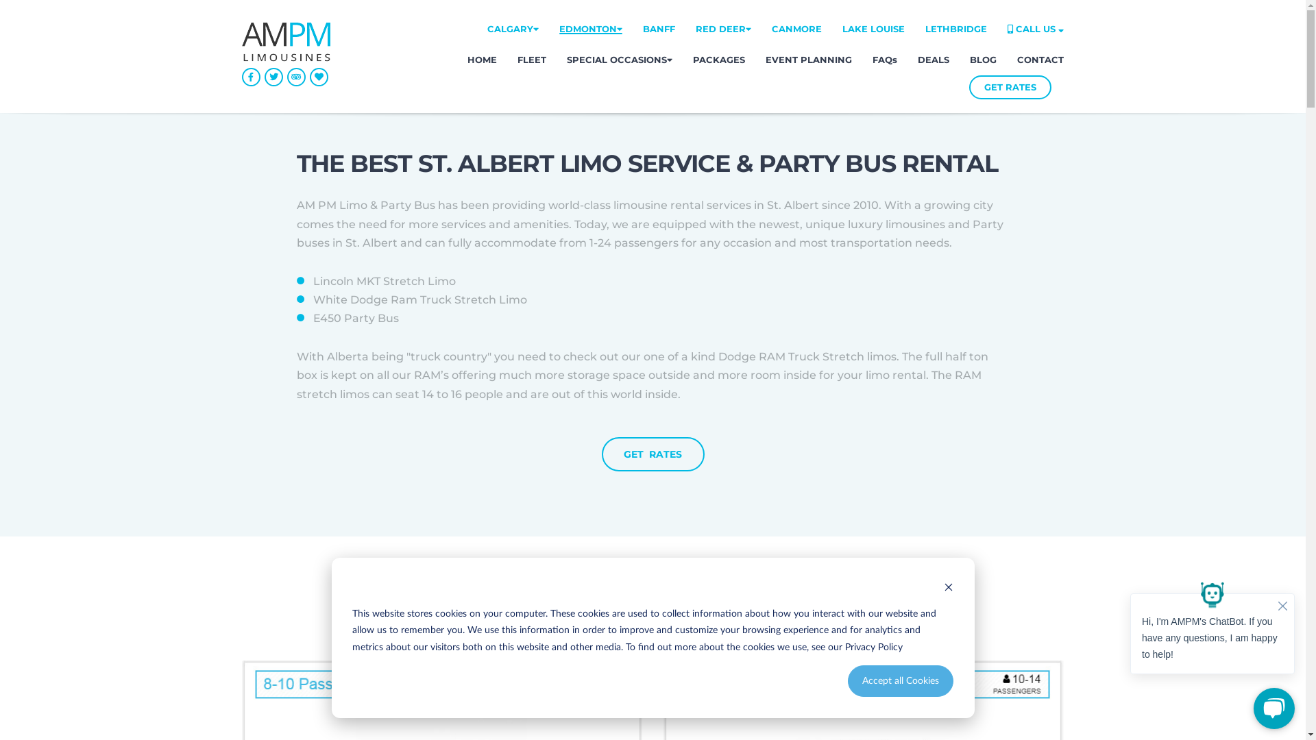 This screenshot has width=1316, height=740. Describe the element at coordinates (695, 29) in the screenshot. I see `'RED DEER'` at that location.